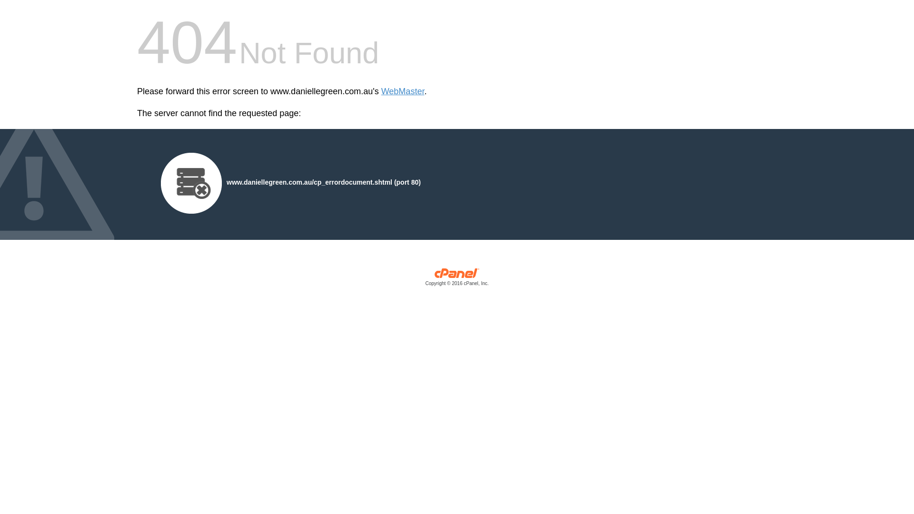  What do you see at coordinates (403, 91) in the screenshot?
I see `'WebMaster'` at bounding box center [403, 91].